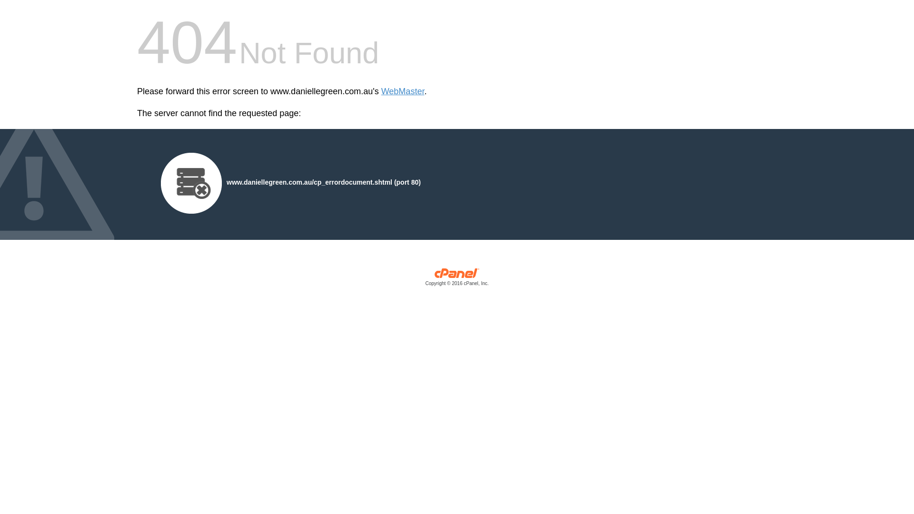  What do you see at coordinates (403, 91) in the screenshot?
I see `'WebMaster'` at bounding box center [403, 91].